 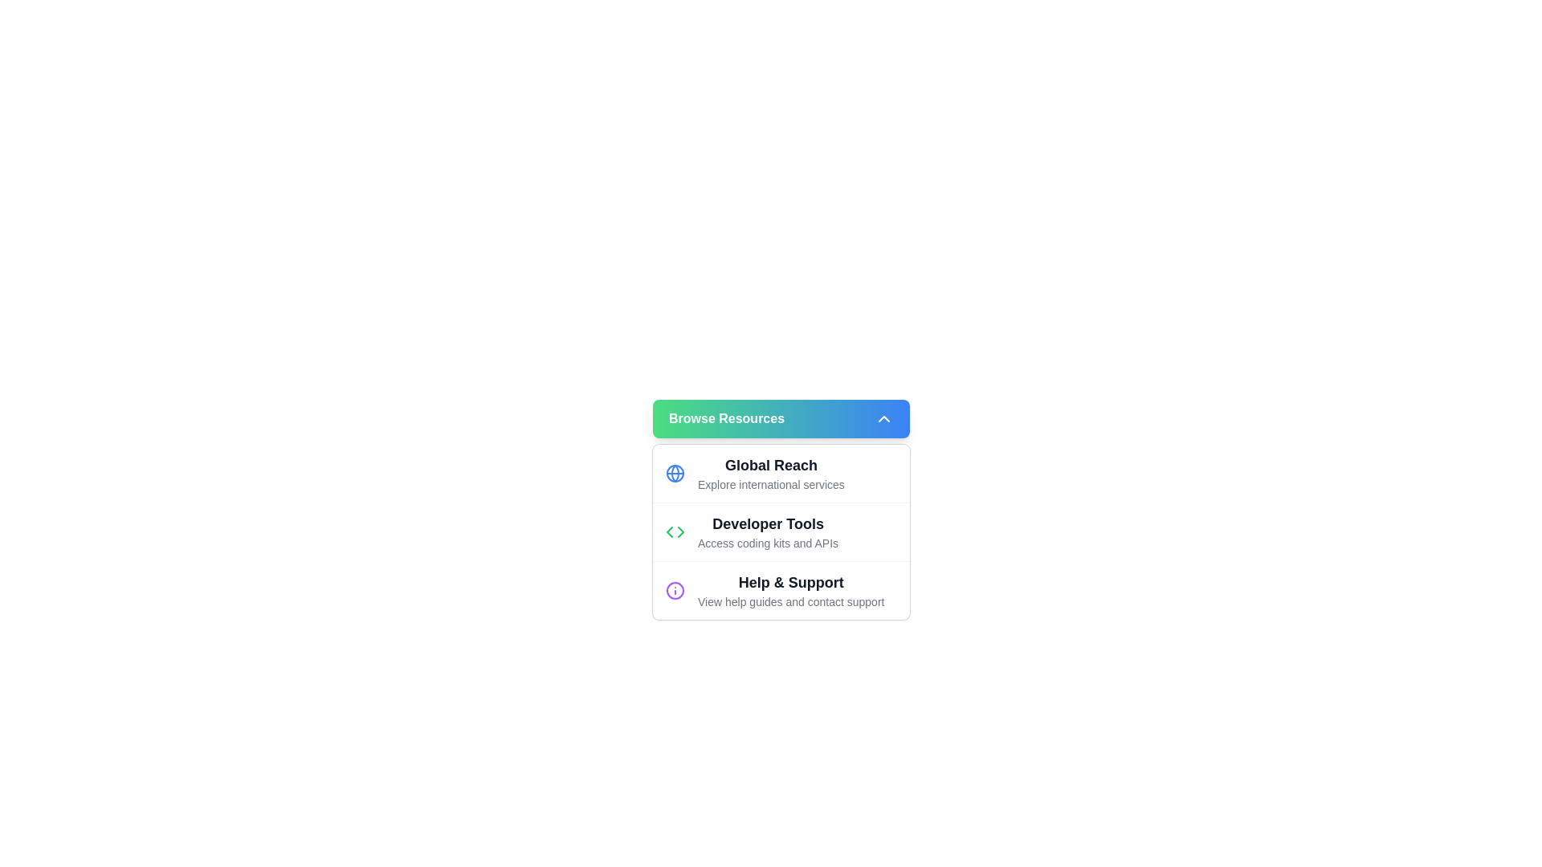 I want to click on the small green icon representing coding or development tools, which is located on the left side of the 'Developer Tools' section in the dropdown menu, so click(x=675, y=532).